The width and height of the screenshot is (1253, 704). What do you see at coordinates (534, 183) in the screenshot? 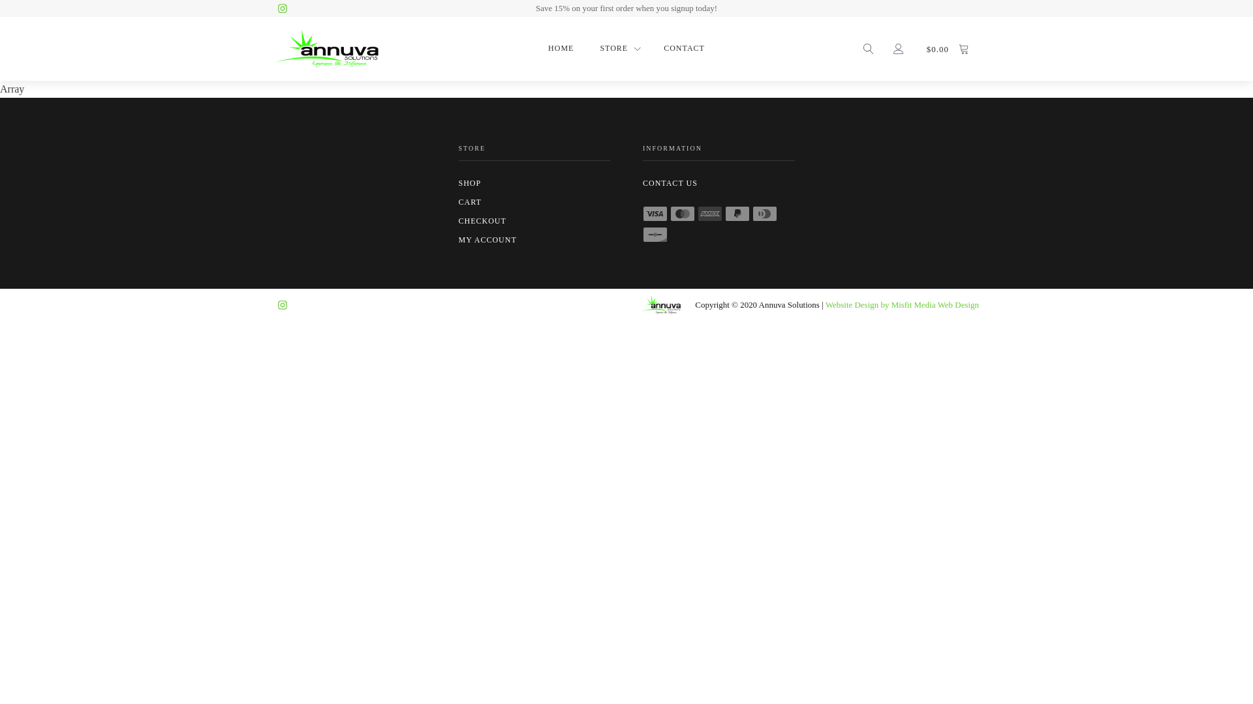
I see `'SHOP'` at bounding box center [534, 183].